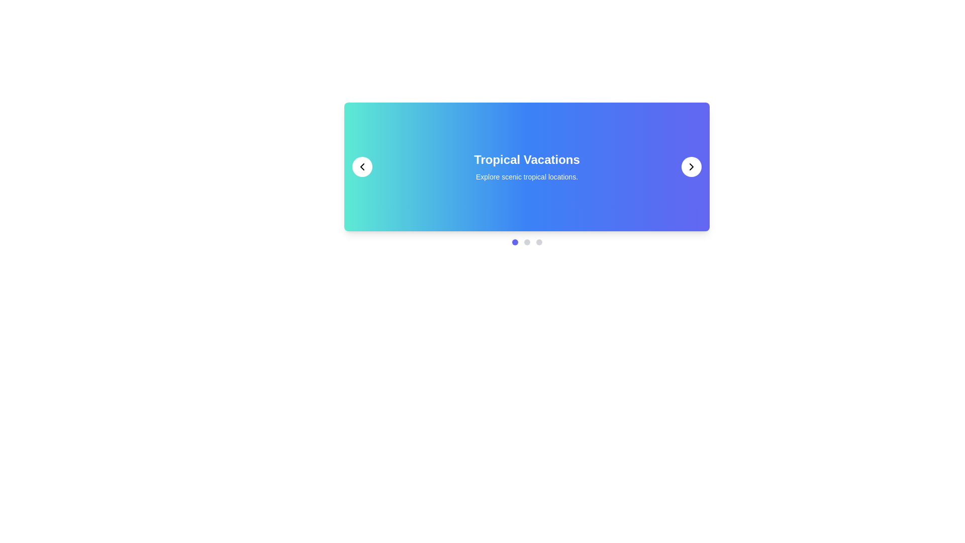  Describe the element at coordinates (691, 166) in the screenshot. I see `the right-pointing arrow icon within the circular button on the blue gradient card` at that location.